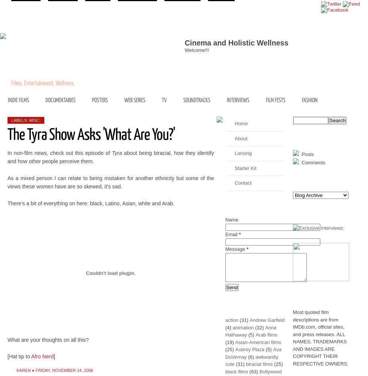 The height and width of the screenshot is (376, 368). I want to click on '(63)', so click(249, 371).